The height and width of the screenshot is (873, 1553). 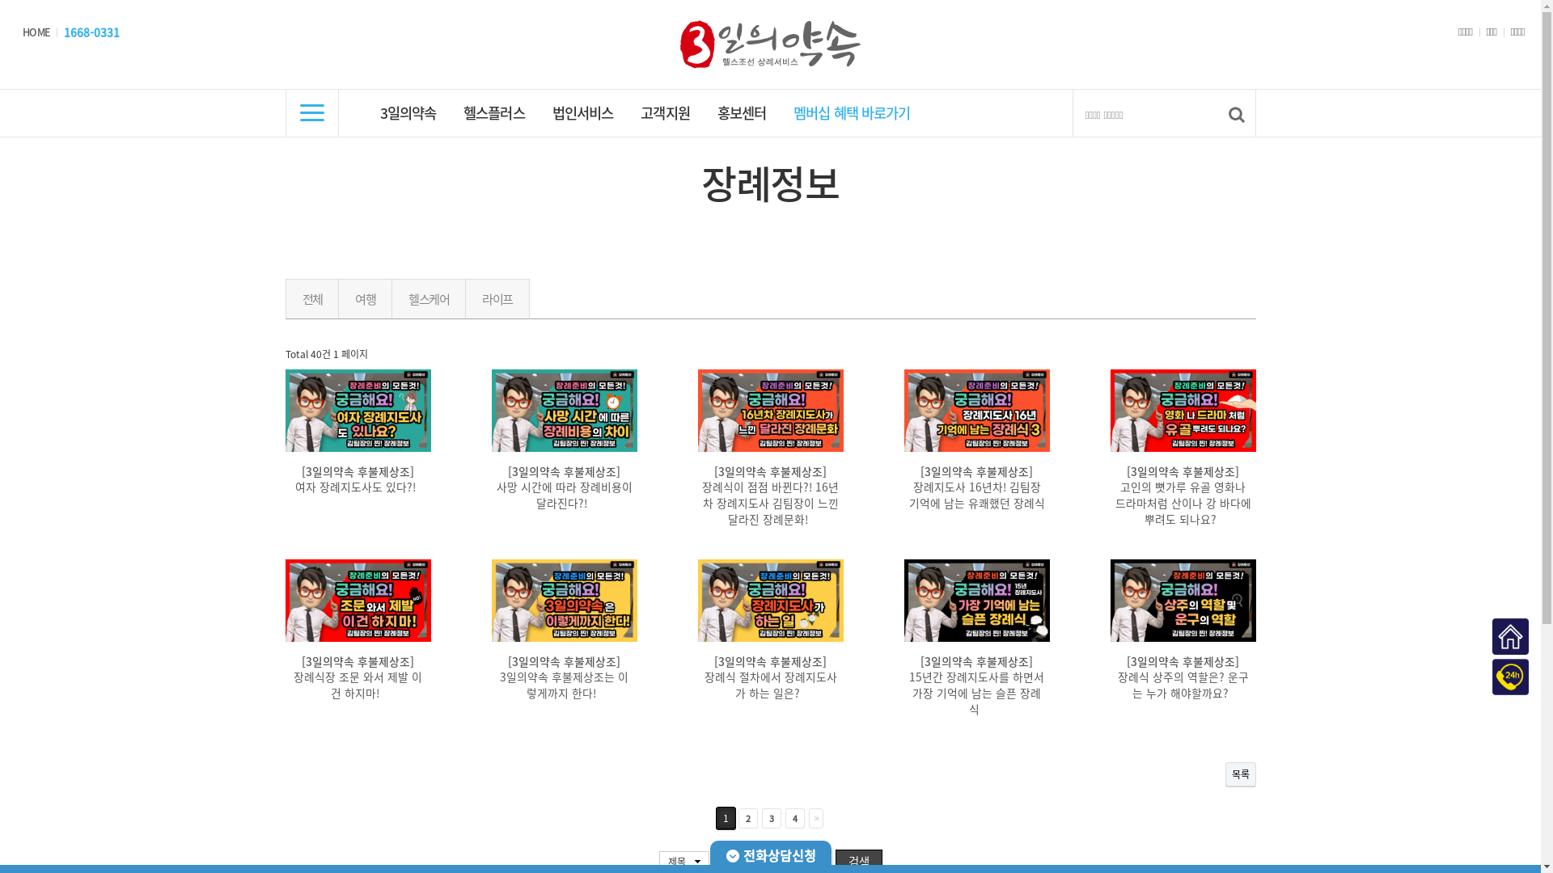 I want to click on 'HOME', so click(x=36, y=32).